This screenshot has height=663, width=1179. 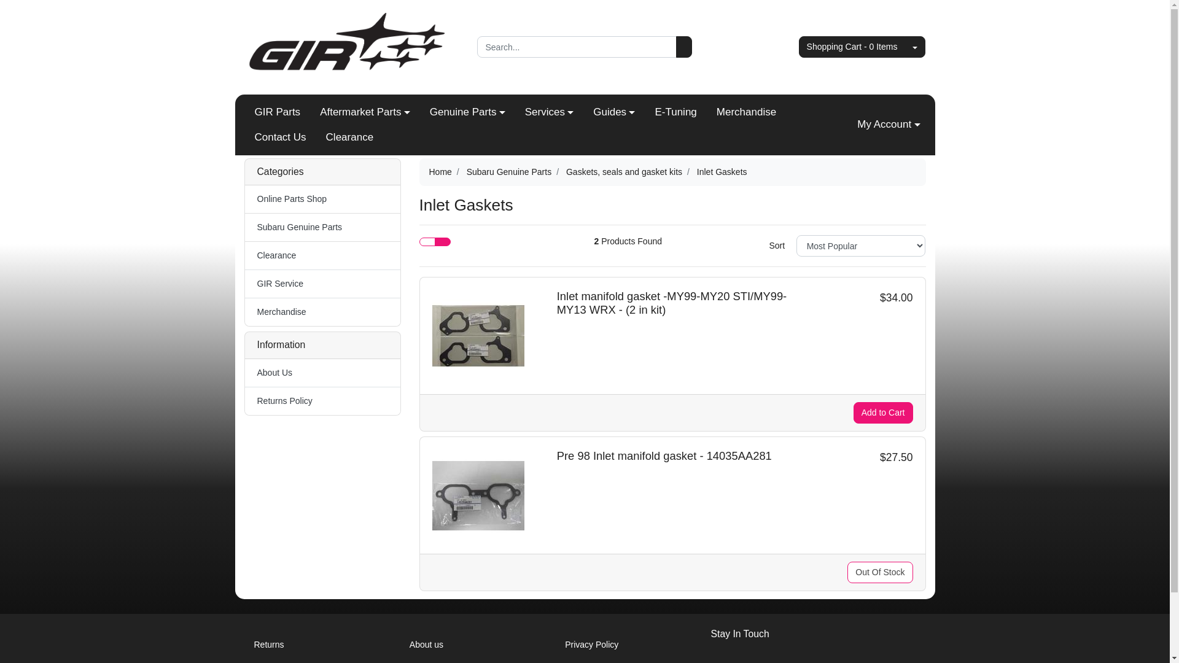 I want to click on 'Home', so click(x=428, y=172).